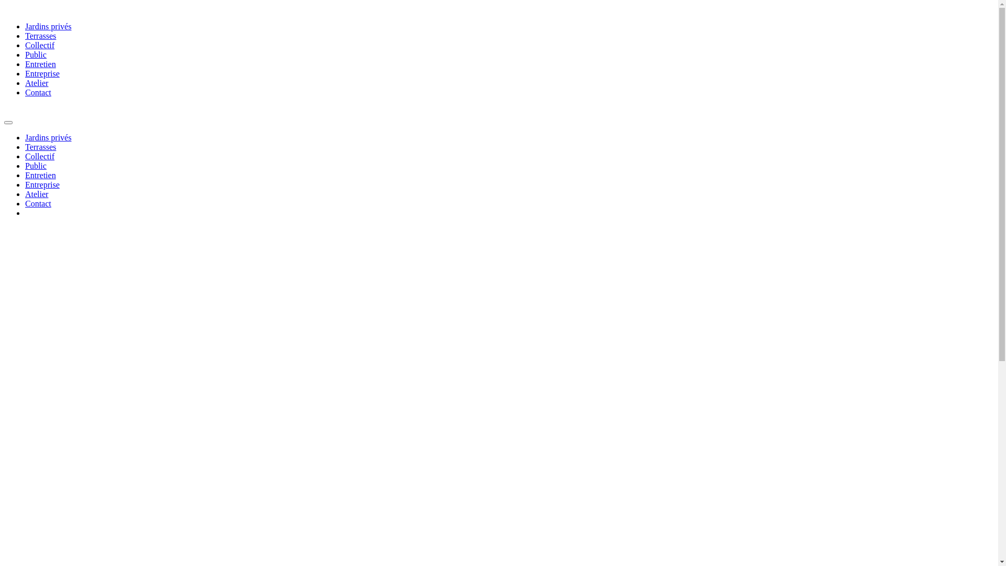  I want to click on 'Collectif', so click(40, 45).